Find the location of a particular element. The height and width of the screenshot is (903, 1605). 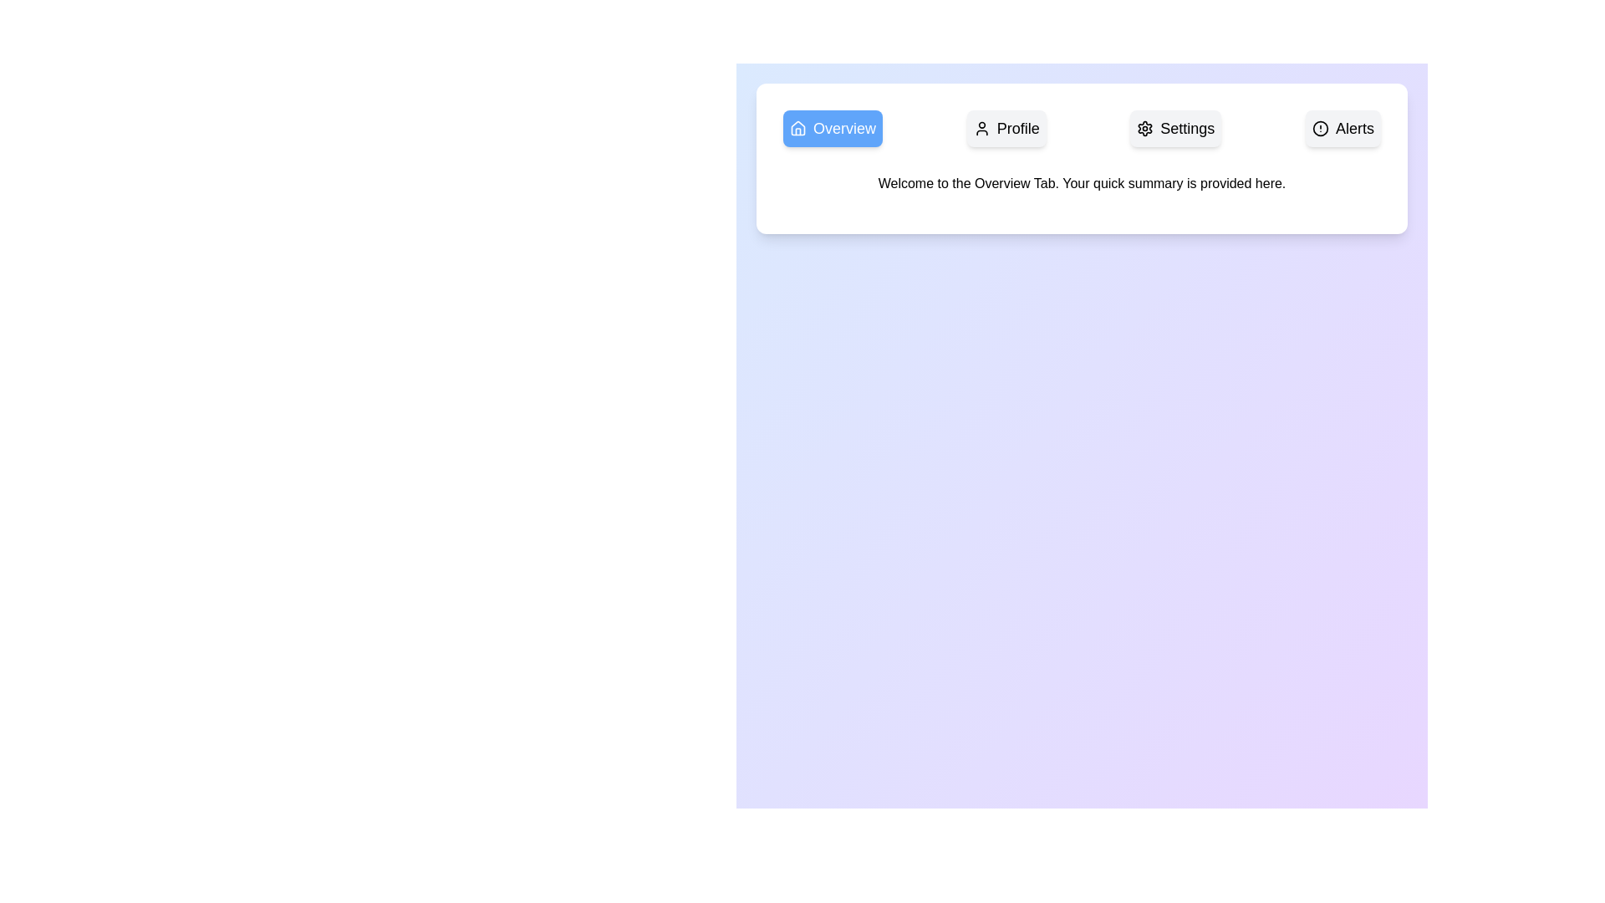

the blue rectangular button labeled 'Overview' which features a house icon on its left is located at coordinates (833, 128).